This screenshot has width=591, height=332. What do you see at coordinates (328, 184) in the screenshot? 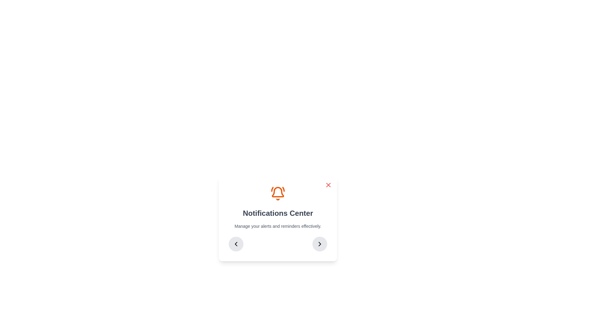
I see `the close button located at the top-right corner of the 'Notifications Center' panel to change its style` at bounding box center [328, 184].